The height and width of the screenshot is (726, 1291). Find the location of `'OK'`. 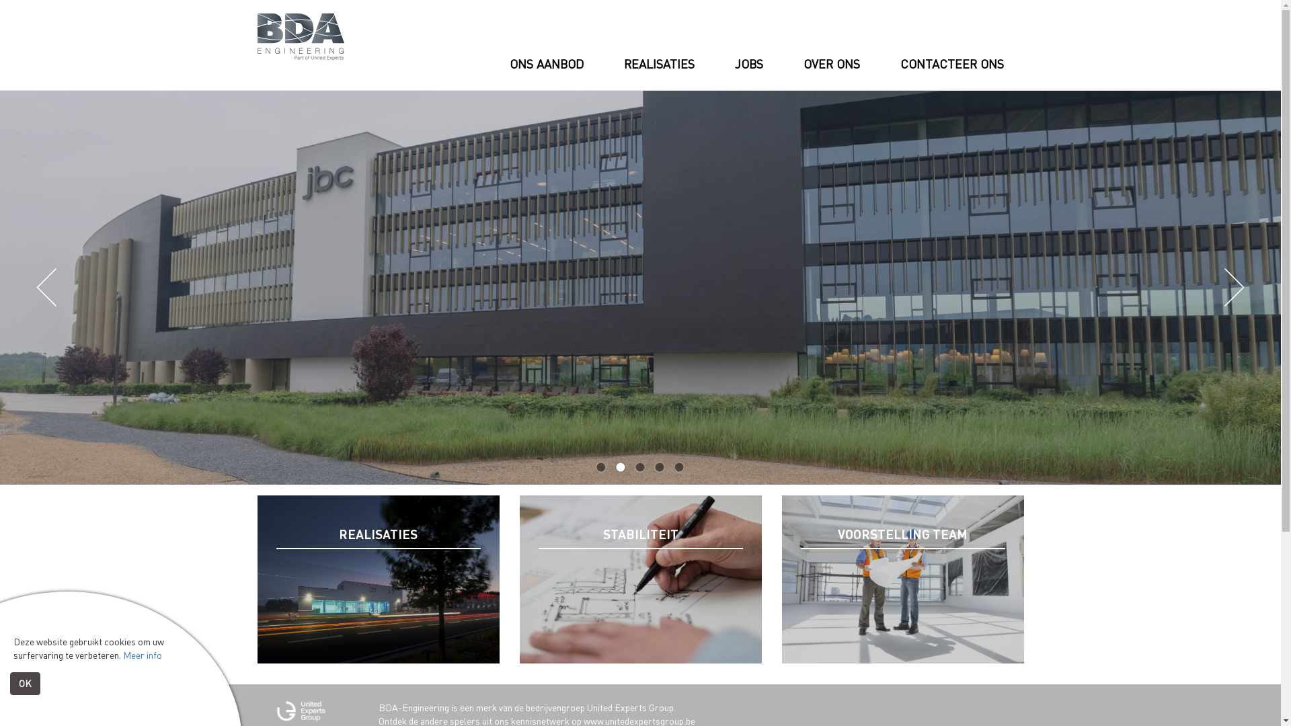

'OK' is located at coordinates (9, 684).